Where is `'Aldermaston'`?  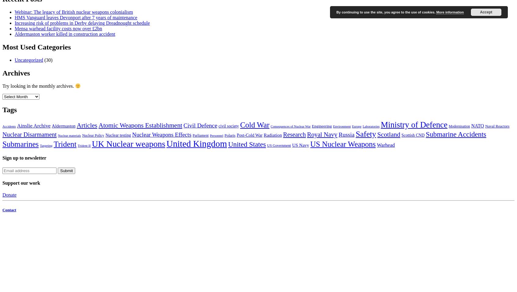
'Aldermaston' is located at coordinates (63, 125).